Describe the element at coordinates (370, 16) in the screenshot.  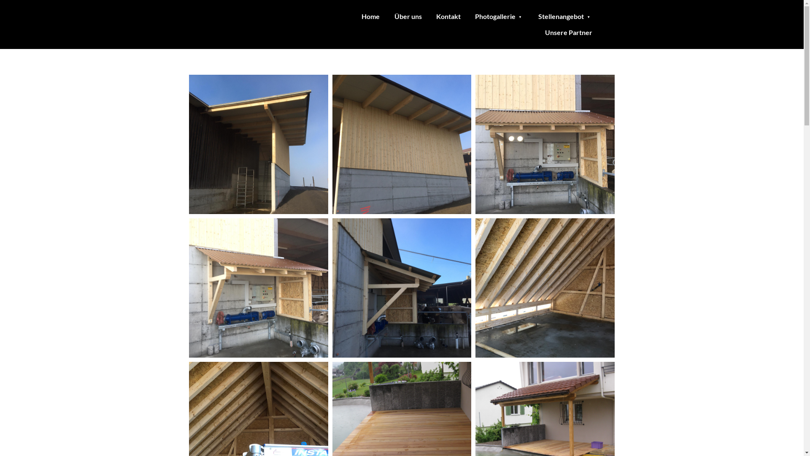
I see `'Home'` at that location.